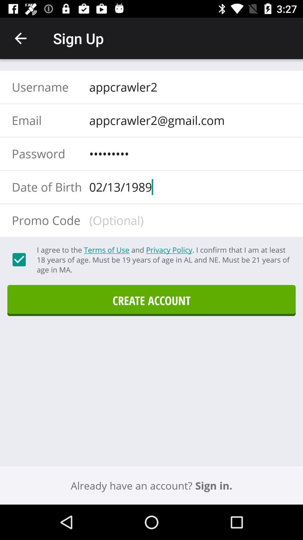 The width and height of the screenshot is (303, 540). What do you see at coordinates (163, 259) in the screenshot?
I see `icon above the create account` at bounding box center [163, 259].